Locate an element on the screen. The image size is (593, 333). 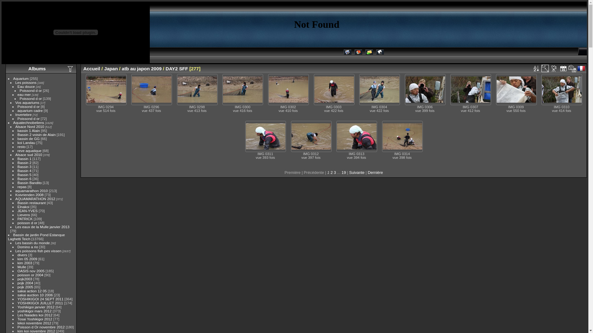
'JEAN-YVES' is located at coordinates (27, 210).